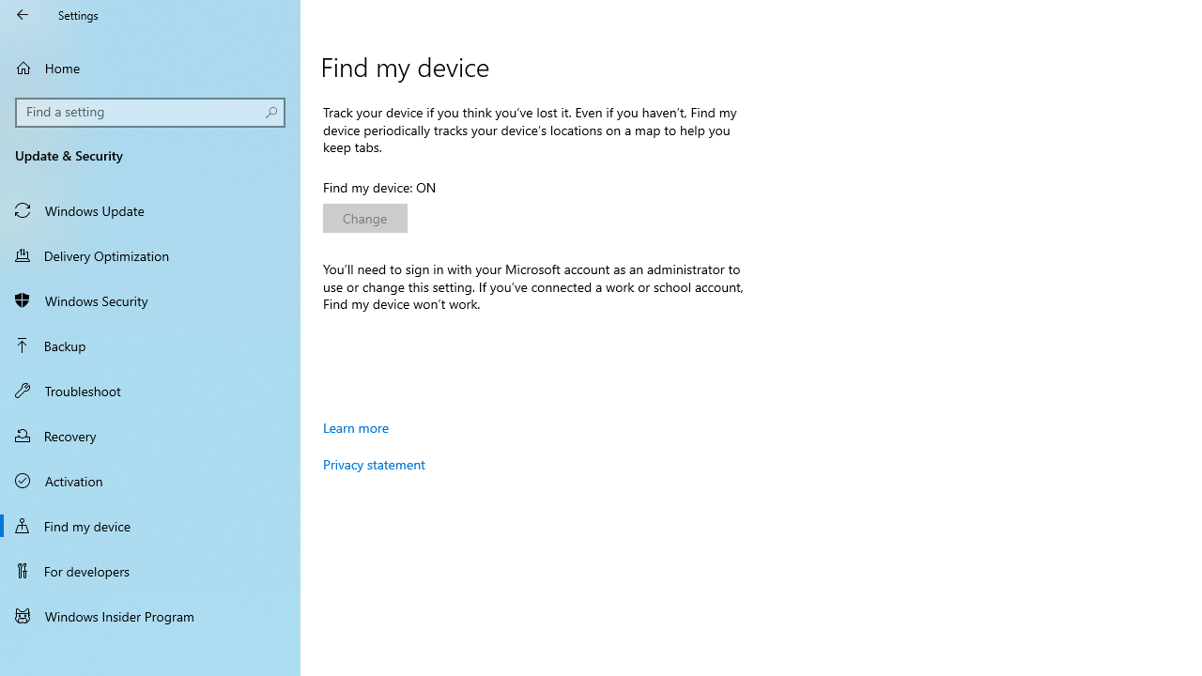  What do you see at coordinates (23, 14) in the screenshot?
I see `'Back'` at bounding box center [23, 14].